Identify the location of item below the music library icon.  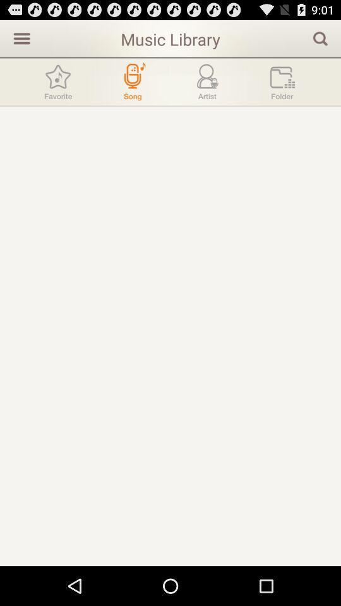
(132, 81).